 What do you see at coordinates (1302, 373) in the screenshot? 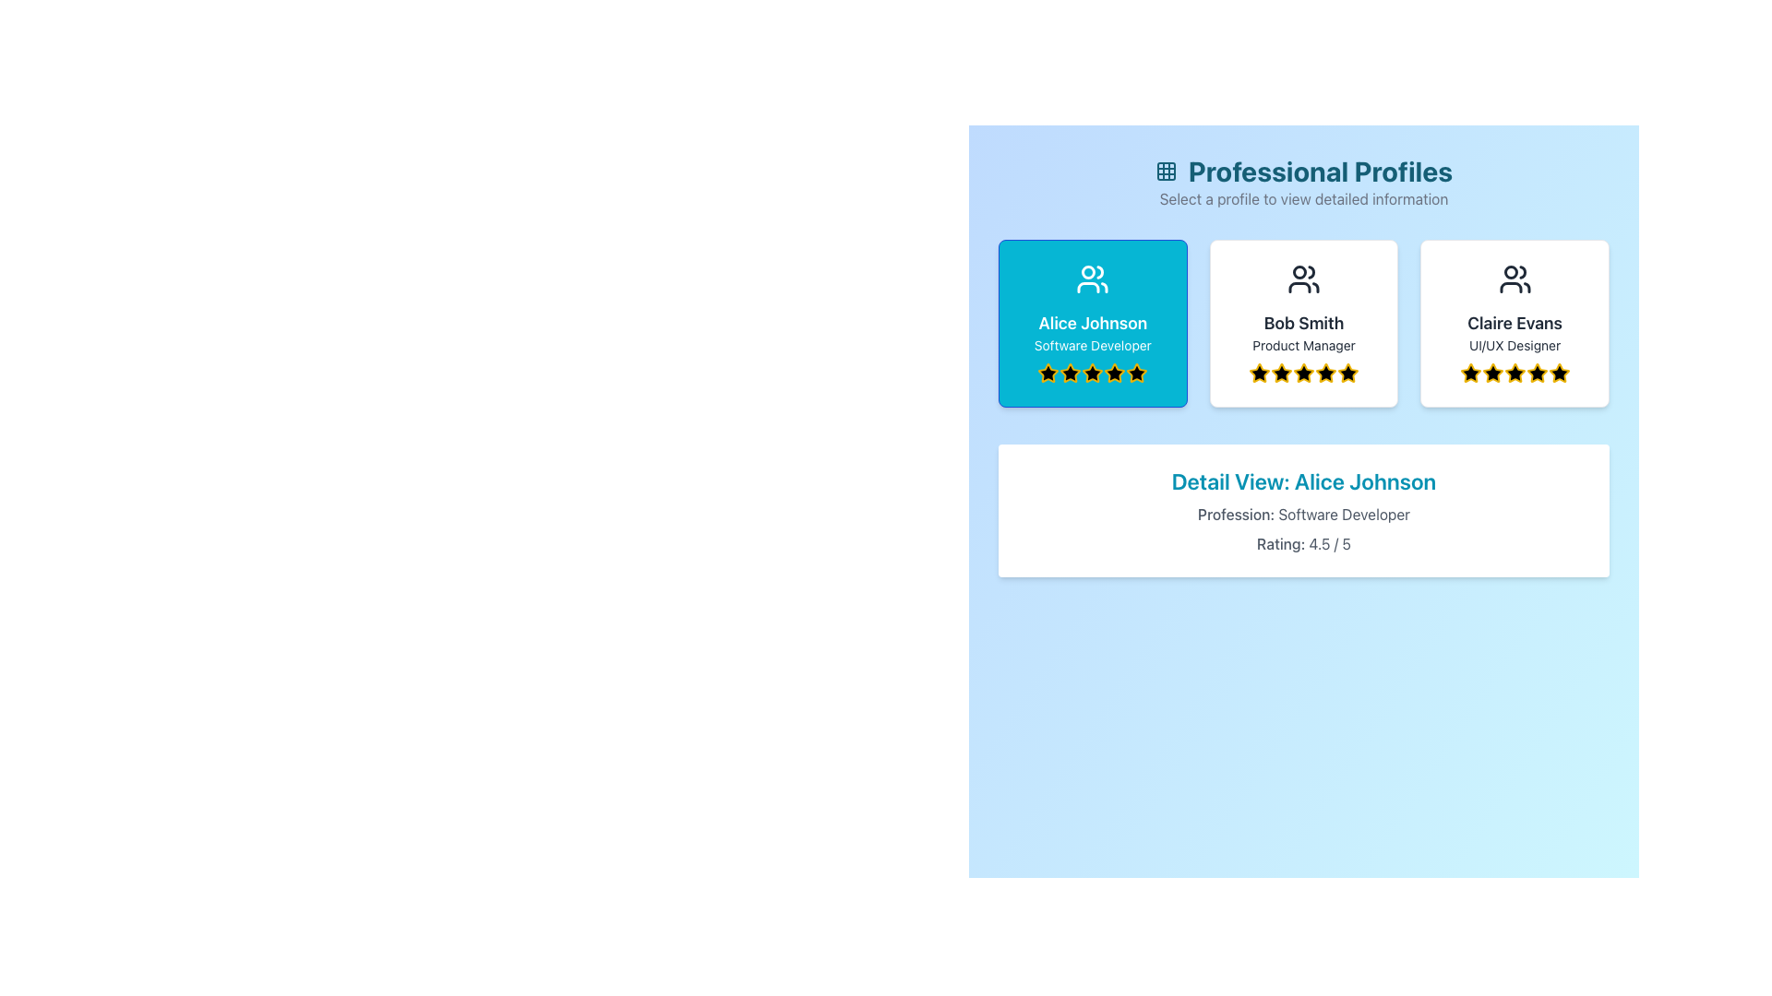
I see `the third yellow star icon in the Rating Indicator below the 'Bob Smith' and 'Product Manager' text in the profile card` at bounding box center [1302, 373].